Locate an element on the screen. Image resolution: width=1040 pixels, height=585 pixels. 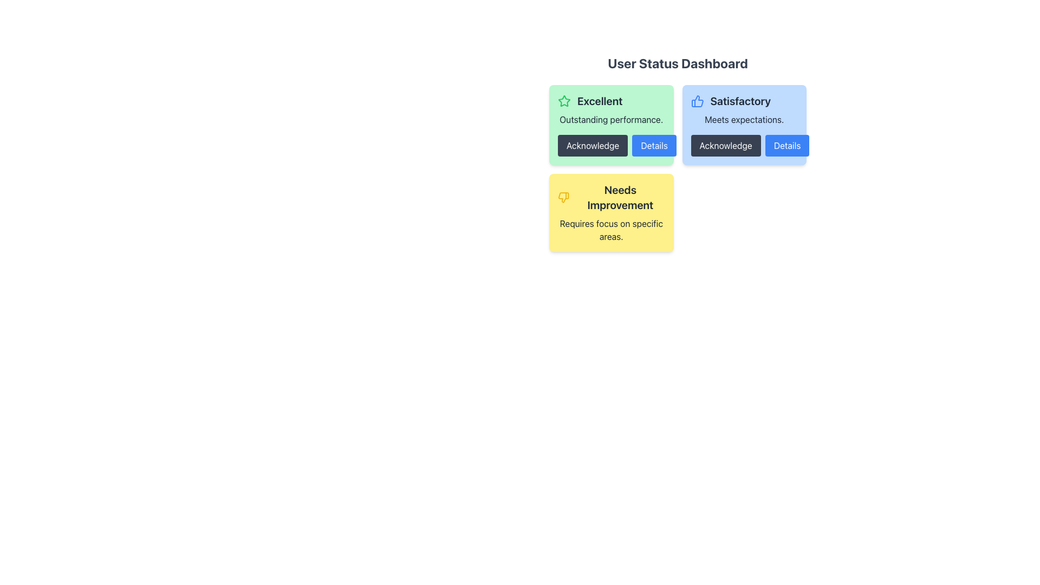
the Header Text element displaying 'User Status Dashboard', which is prominently placed at the top of the panel and styled with a large, bold, dark gray font is located at coordinates (677, 63).